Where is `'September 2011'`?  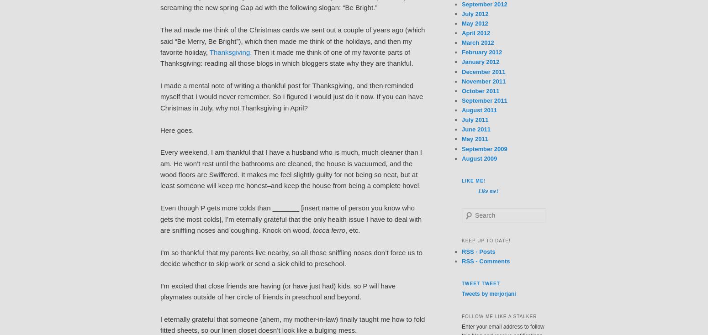
'September 2011' is located at coordinates (484, 100).